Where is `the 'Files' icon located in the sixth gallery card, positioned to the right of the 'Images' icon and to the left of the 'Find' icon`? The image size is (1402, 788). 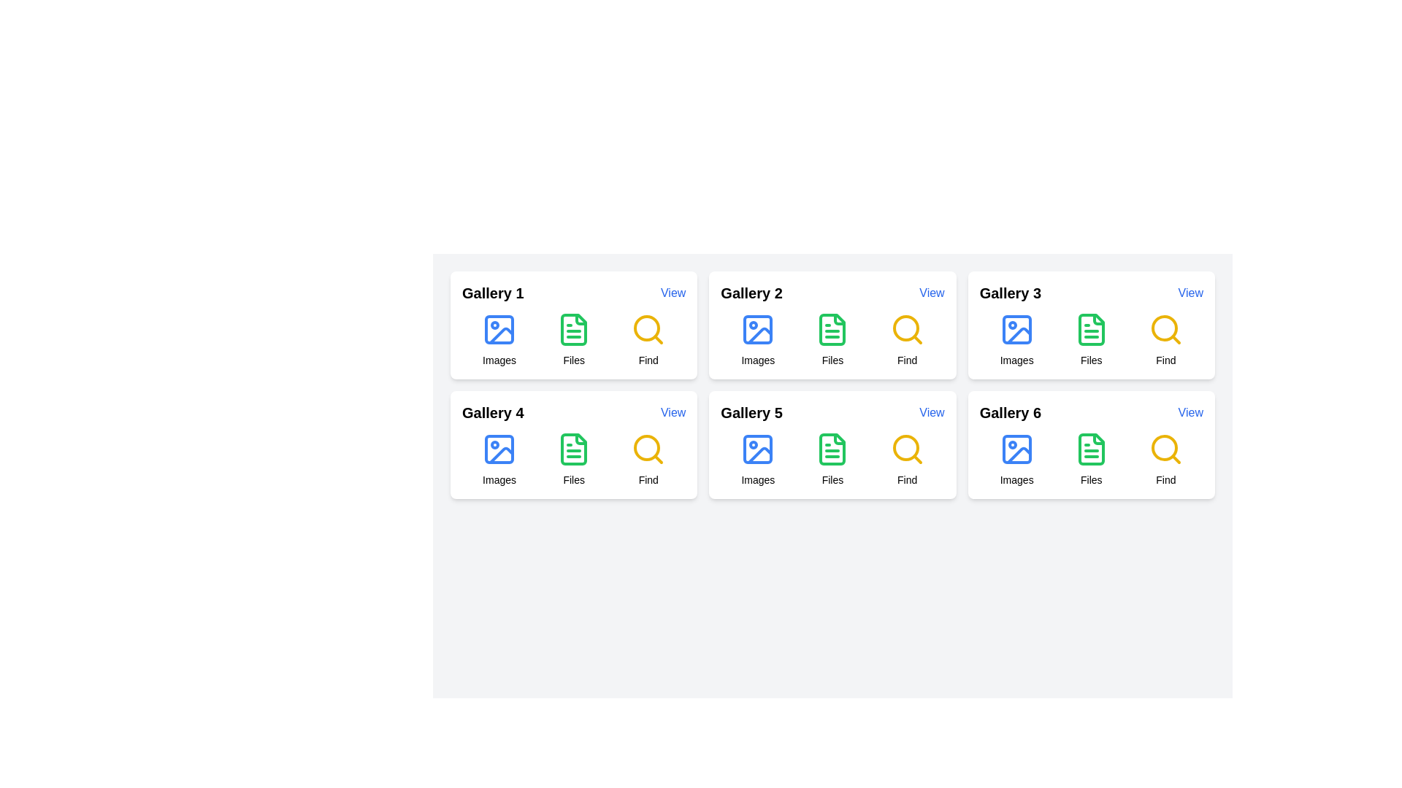 the 'Files' icon located in the sixth gallery card, positioned to the right of the 'Images' icon and to the left of the 'Find' icon is located at coordinates (1091, 449).